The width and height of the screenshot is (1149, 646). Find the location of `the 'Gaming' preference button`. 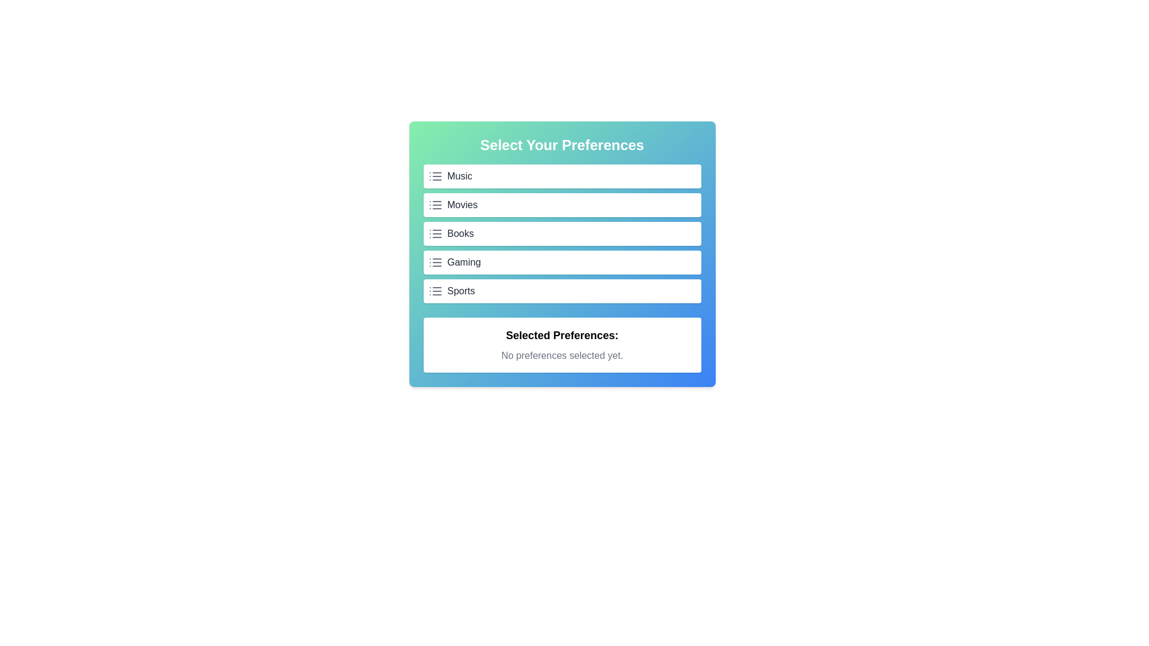

the 'Gaming' preference button is located at coordinates (561, 262).